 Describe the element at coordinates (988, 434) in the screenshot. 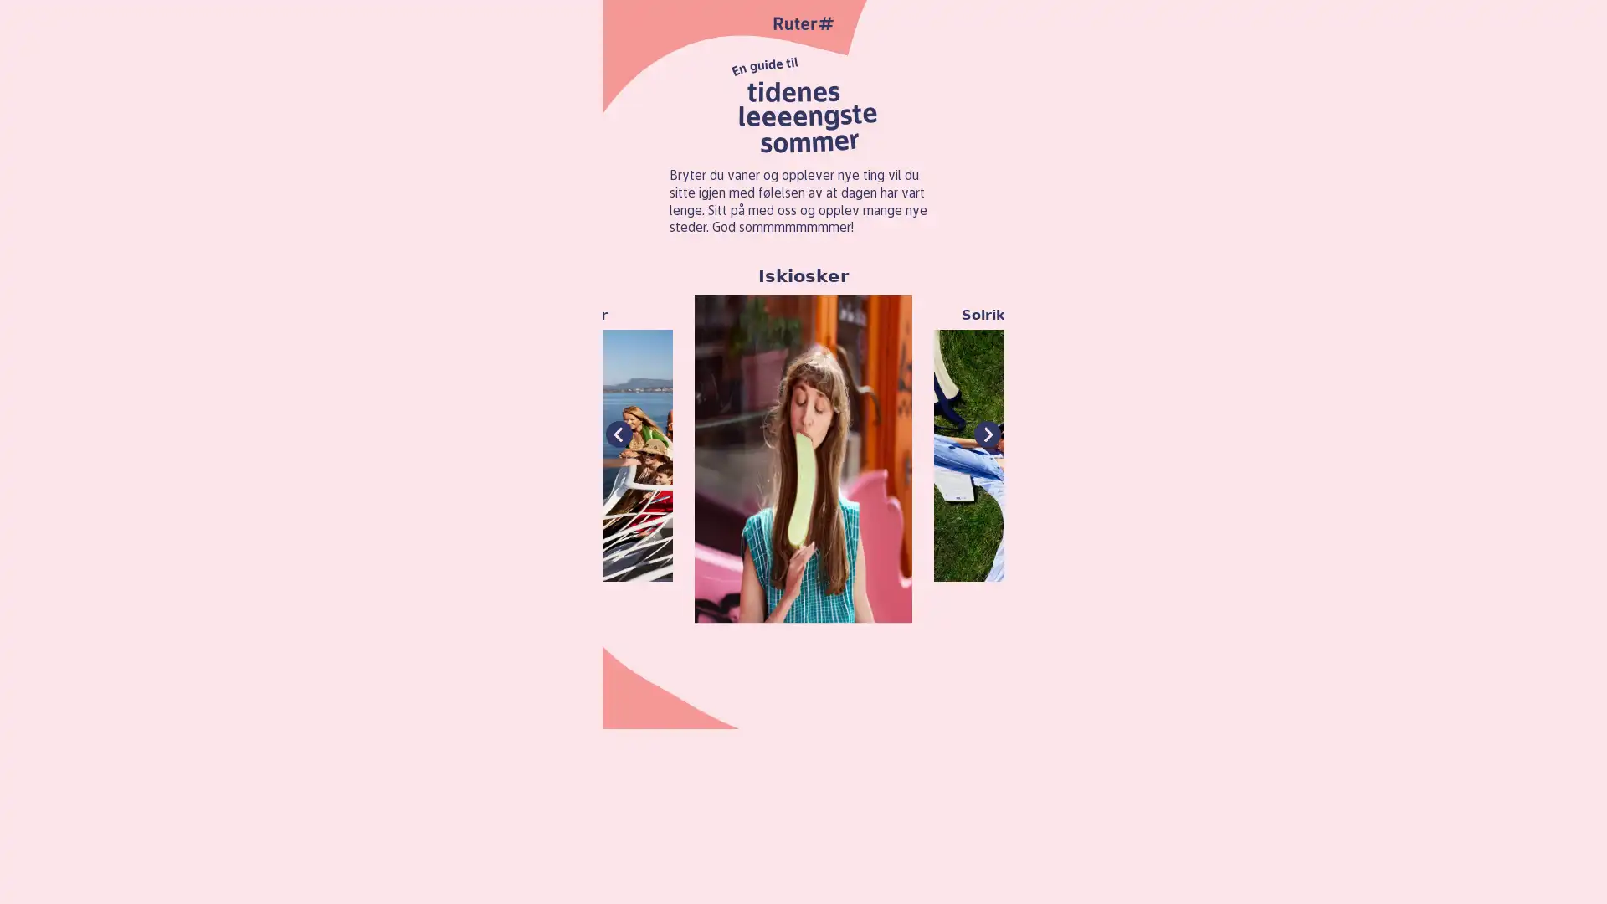

I see `next` at that location.